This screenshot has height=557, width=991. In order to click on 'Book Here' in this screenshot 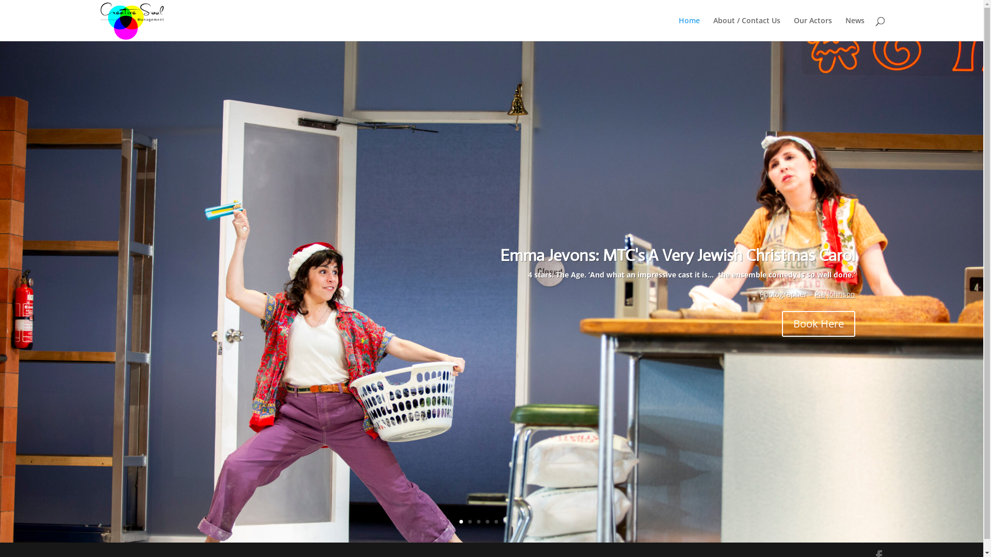, I will do `click(818, 323)`.